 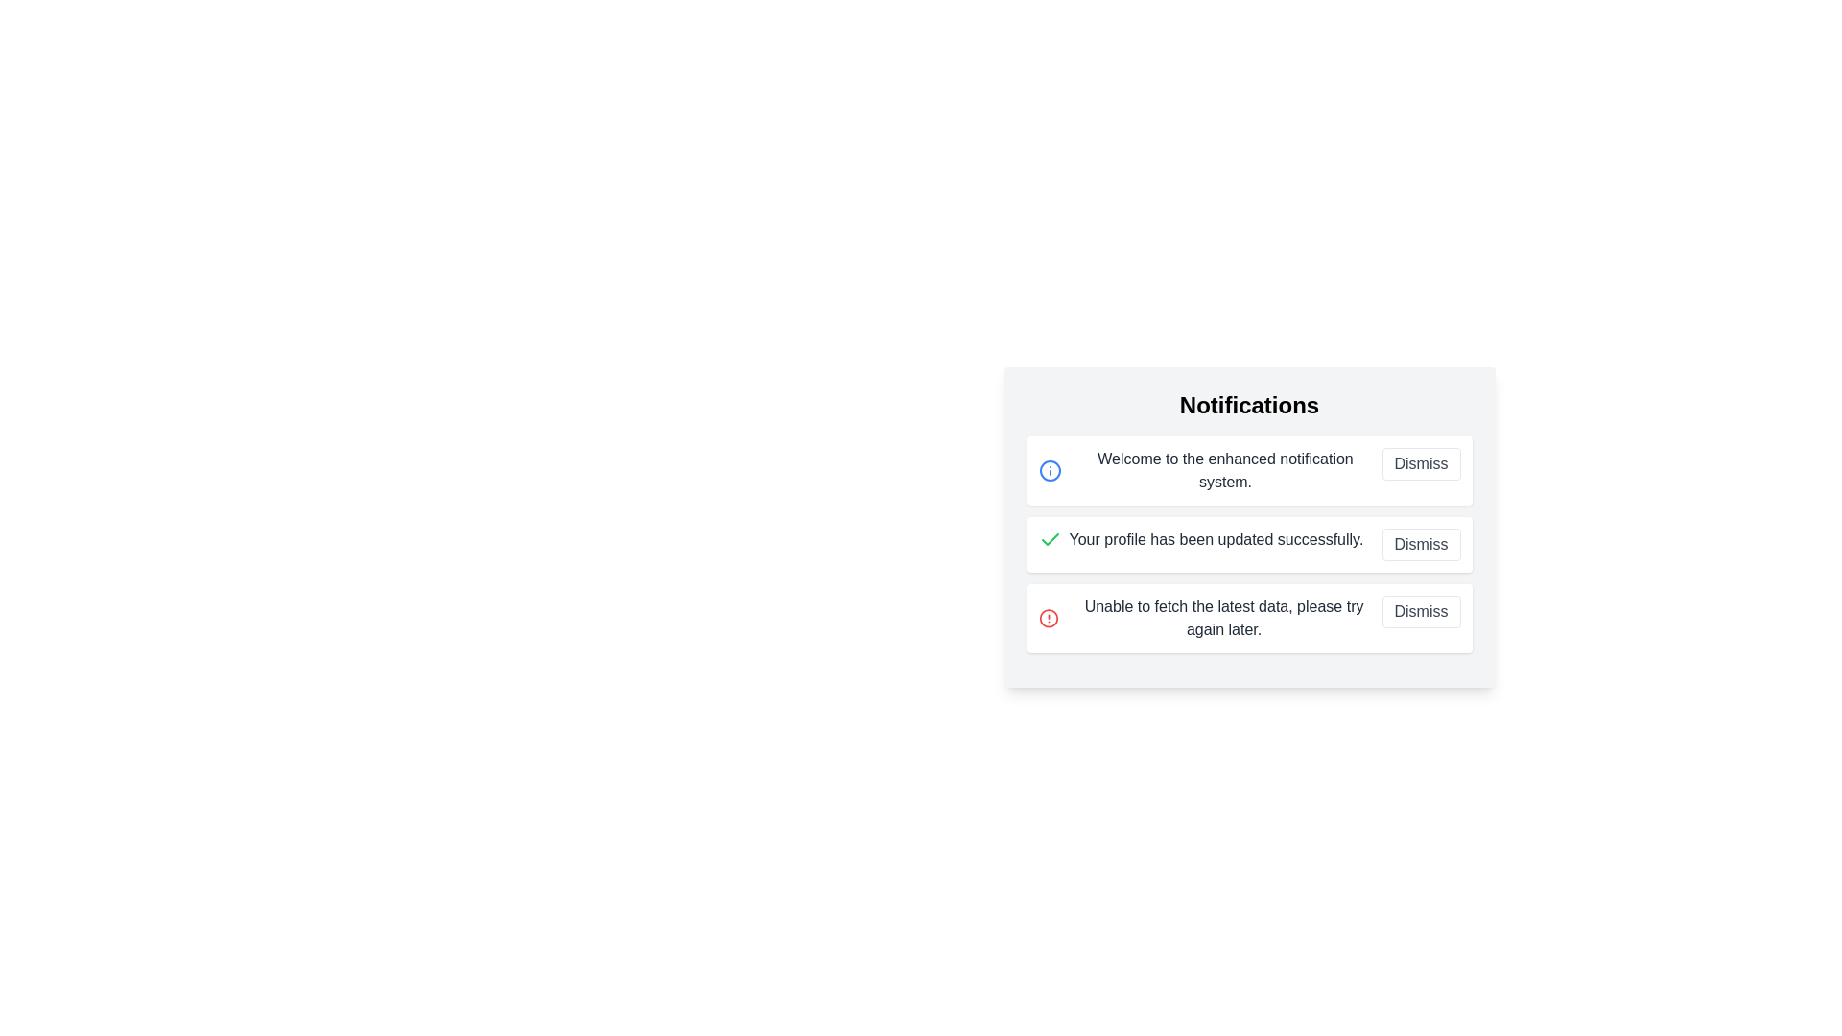 What do you see at coordinates (1049, 539) in the screenshot?
I see `the informational success icon located in the second notification item, to the left of the text 'Your profile has been updated successfully.'` at bounding box center [1049, 539].